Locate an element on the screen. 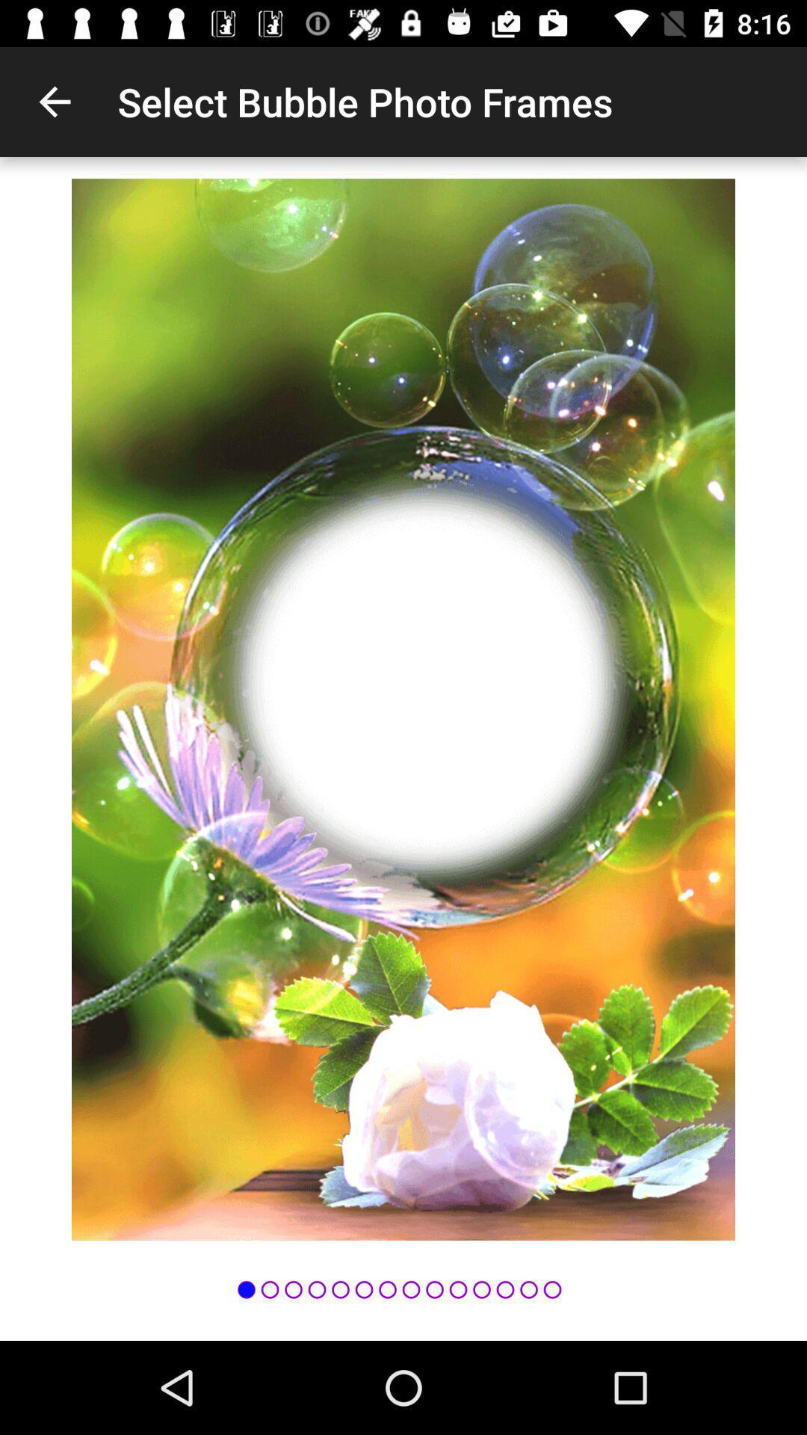  the icon at the top left corner is located at coordinates (54, 101).